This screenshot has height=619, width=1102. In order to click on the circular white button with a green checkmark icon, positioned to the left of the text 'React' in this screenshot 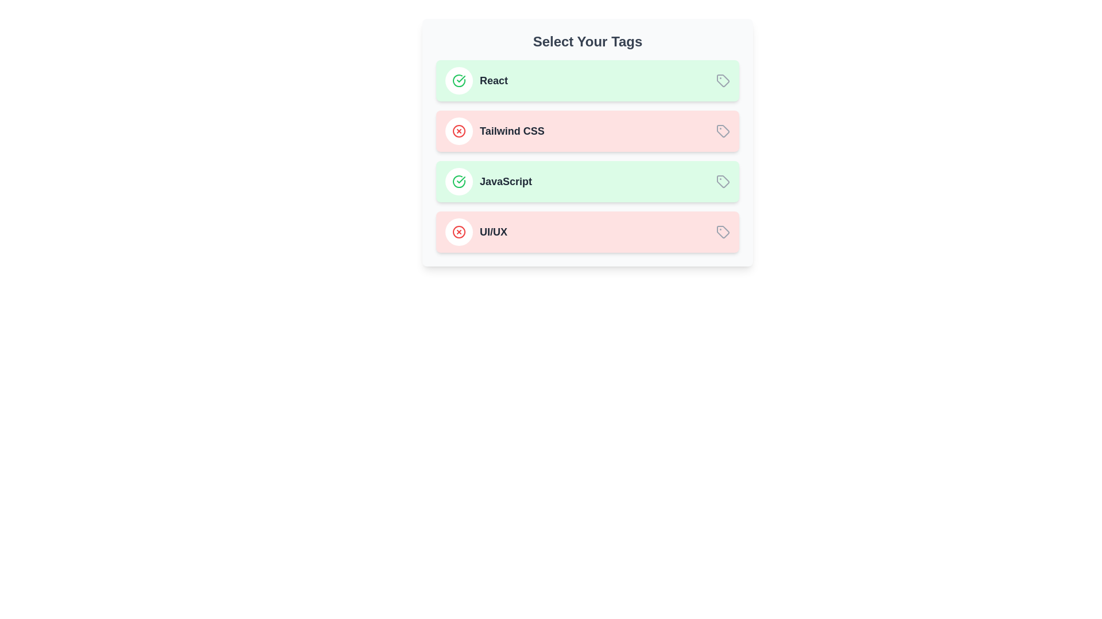, I will do `click(459, 80)`.